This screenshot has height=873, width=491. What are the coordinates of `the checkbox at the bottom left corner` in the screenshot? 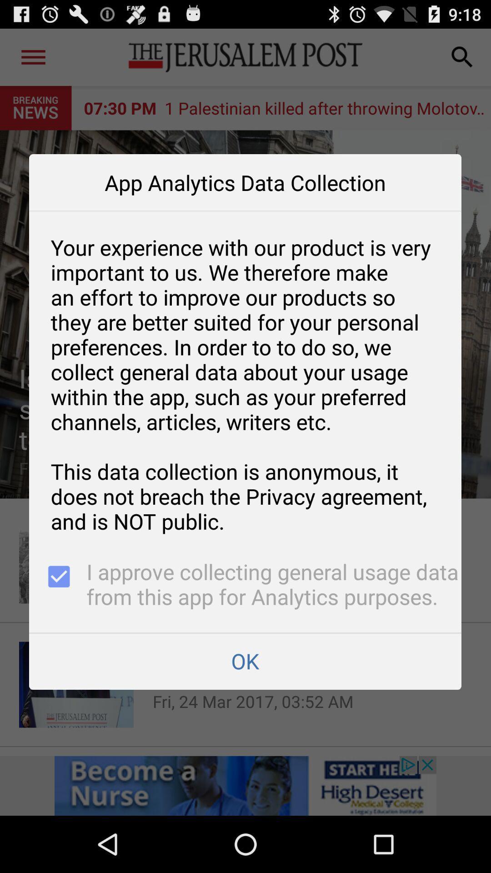 It's located at (58, 586).